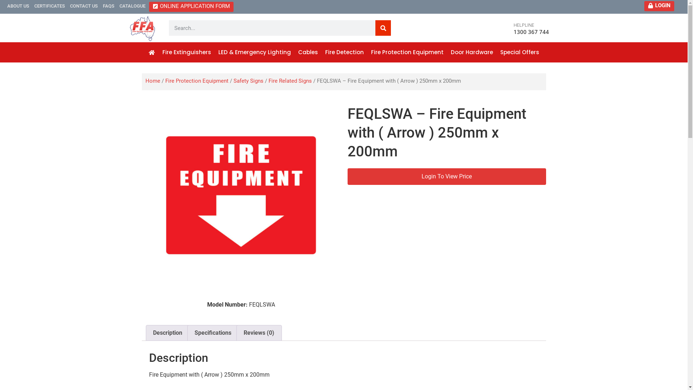  Describe the element at coordinates (49, 5) in the screenshot. I see `'CERTIFICATES'` at that location.